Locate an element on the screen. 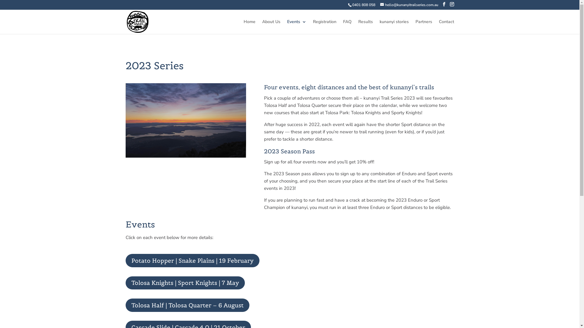  'Tolosa Knights | Sport Knights | 7 May' is located at coordinates (185, 283).